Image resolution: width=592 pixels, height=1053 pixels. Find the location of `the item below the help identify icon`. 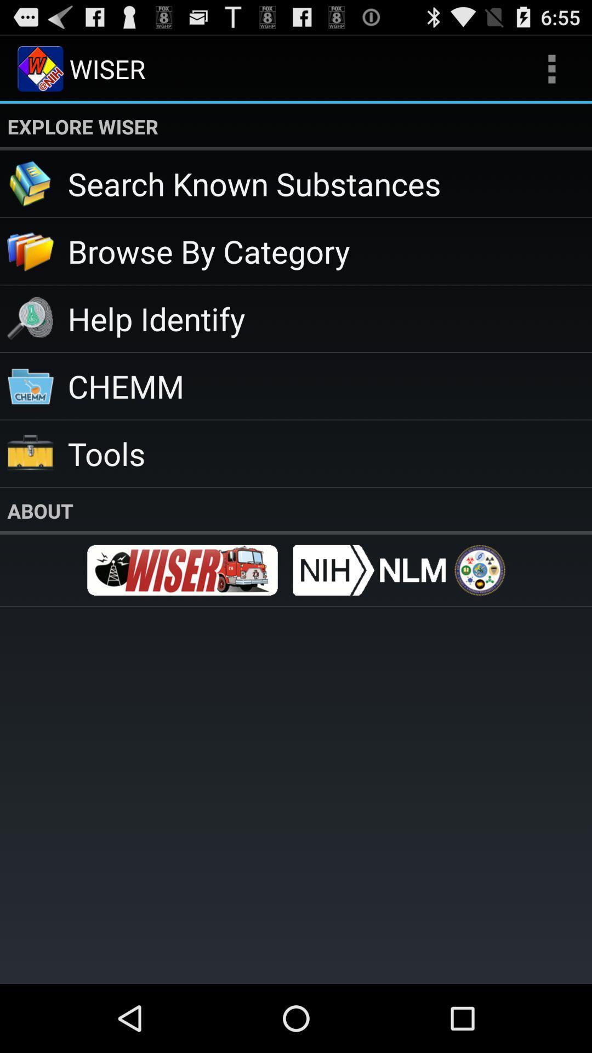

the item below the help identify icon is located at coordinates (329, 386).